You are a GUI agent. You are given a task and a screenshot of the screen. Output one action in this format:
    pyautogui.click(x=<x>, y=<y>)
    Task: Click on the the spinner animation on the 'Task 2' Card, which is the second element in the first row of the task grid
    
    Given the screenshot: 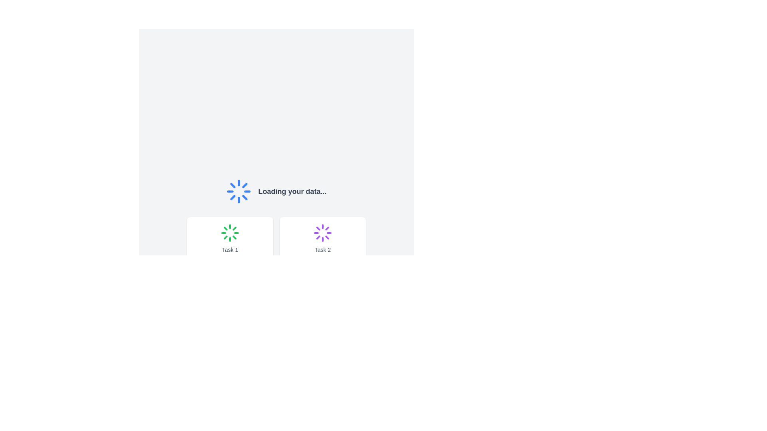 What is the action you would take?
    pyautogui.click(x=322, y=238)
    